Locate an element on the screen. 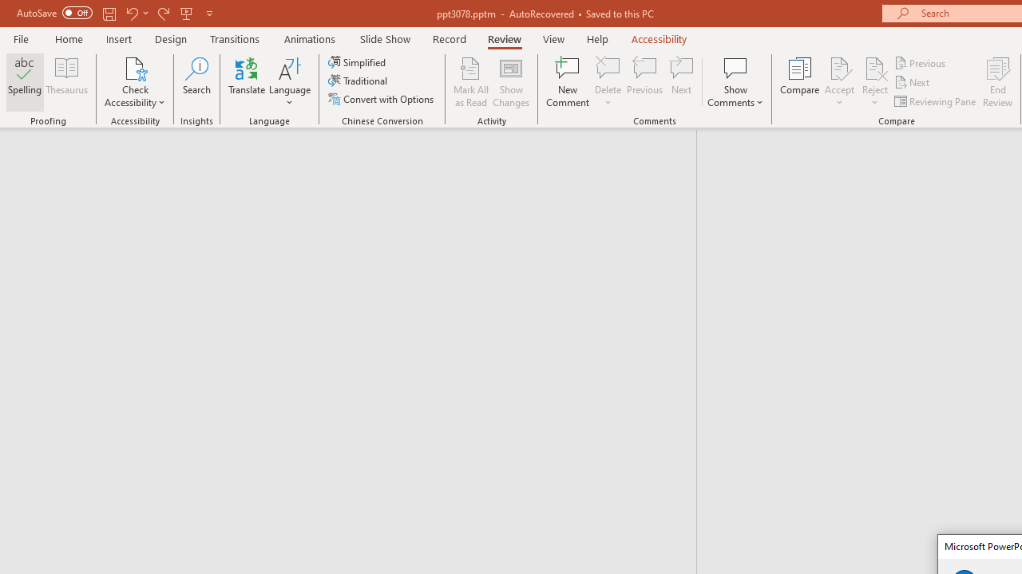 The width and height of the screenshot is (1022, 574). 'Spelling...' is located at coordinates (25, 82).